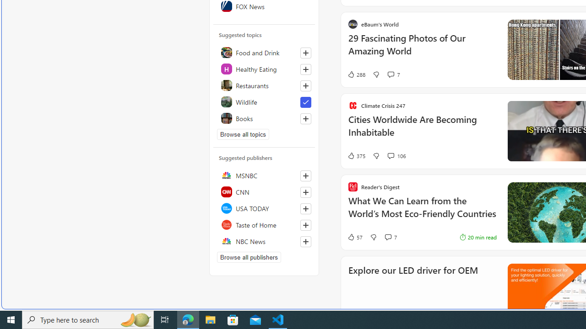 The width and height of the screenshot is (586, 329). I want to click on 'Healthy Eating', so click(264, 68).